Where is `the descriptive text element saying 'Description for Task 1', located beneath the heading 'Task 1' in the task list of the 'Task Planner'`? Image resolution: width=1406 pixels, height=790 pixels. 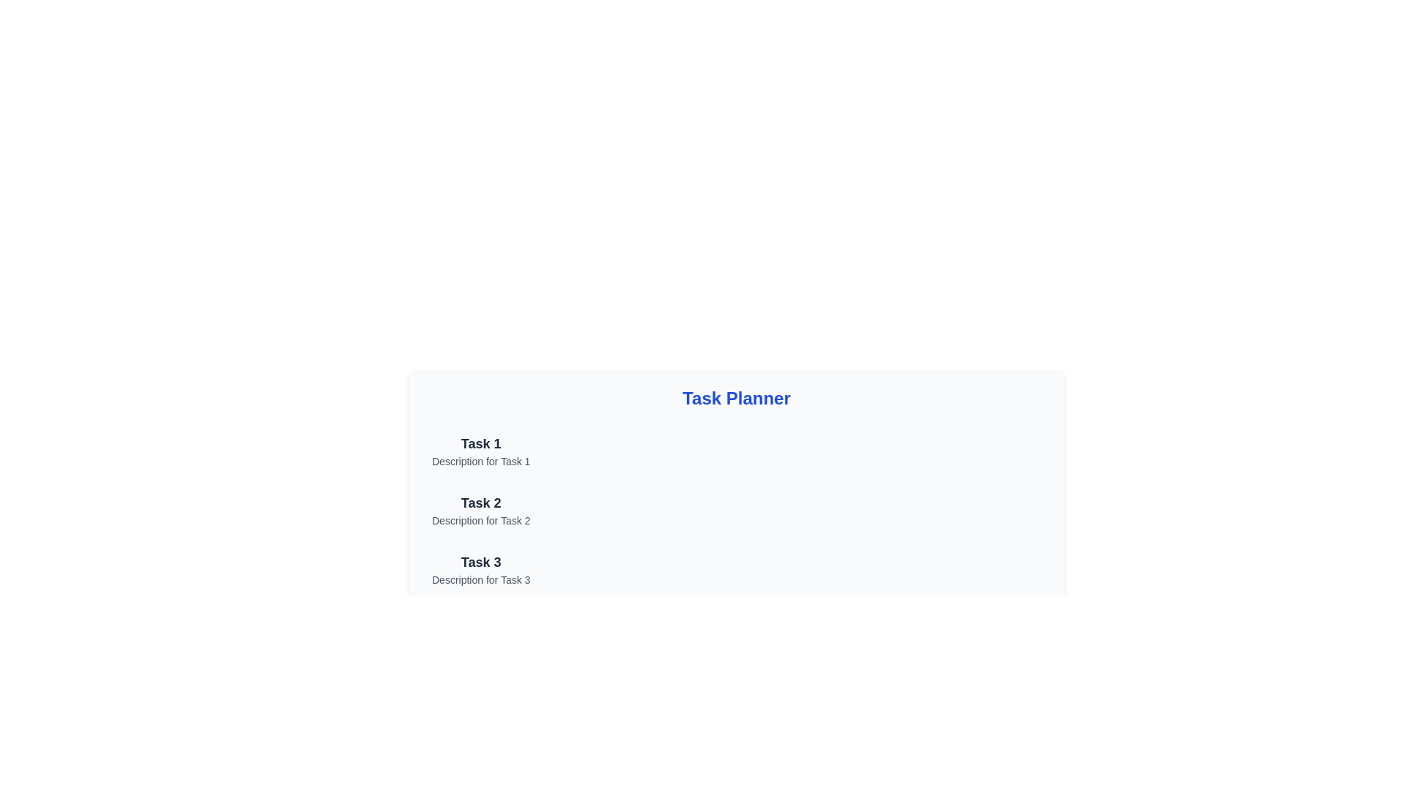
the descriptive text element saying 'Description for Task 1', located beneath the heading 'Task 1' in the task list of the 'Task Planner' is located at coordinates (481, 462).